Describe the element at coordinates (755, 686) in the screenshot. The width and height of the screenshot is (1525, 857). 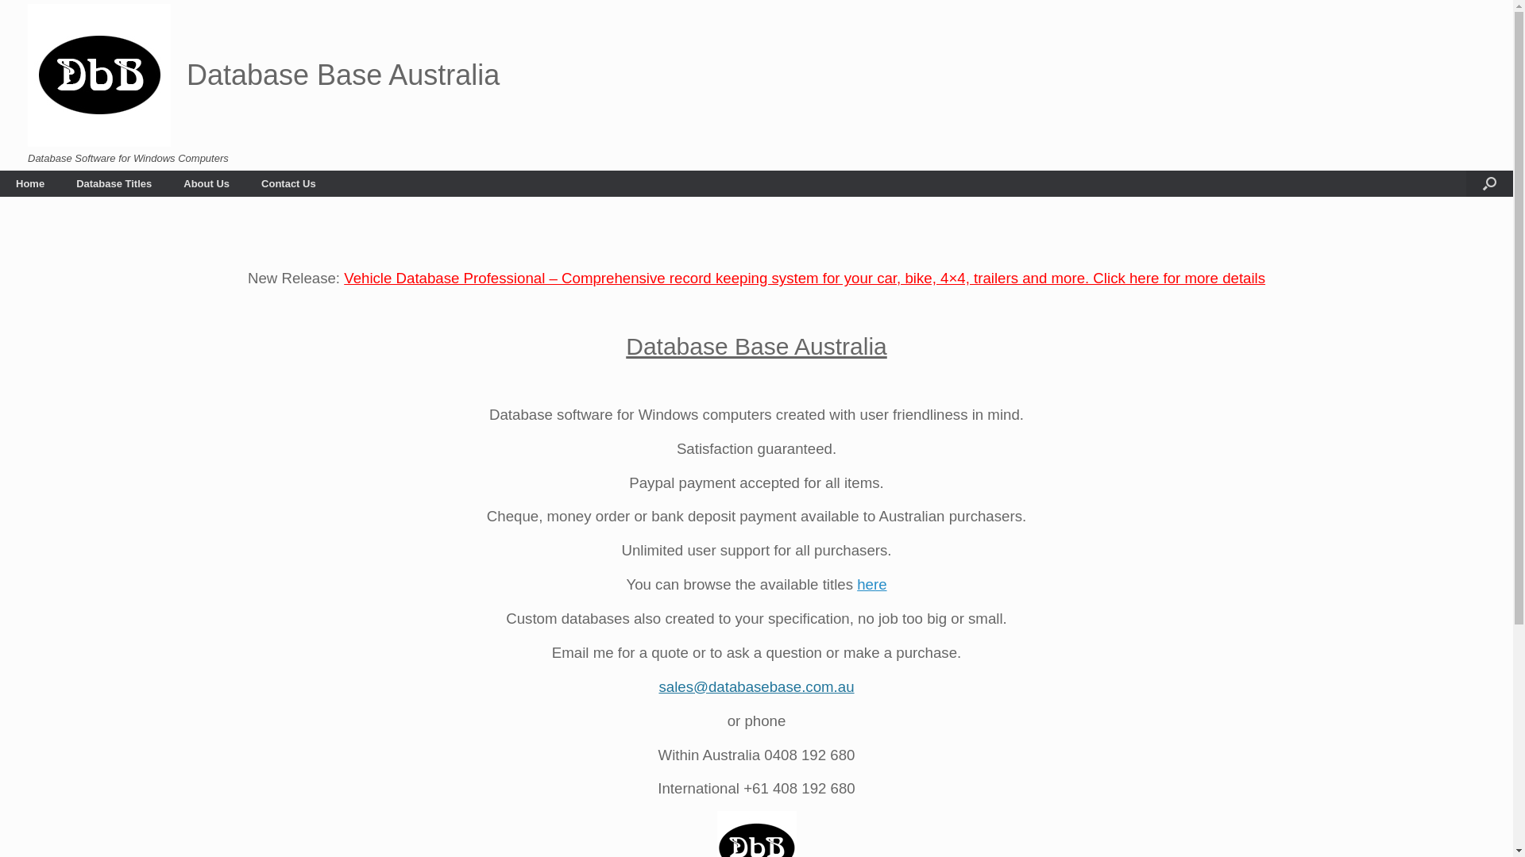
I see `'sales@databasebase.com.au'` at that location.